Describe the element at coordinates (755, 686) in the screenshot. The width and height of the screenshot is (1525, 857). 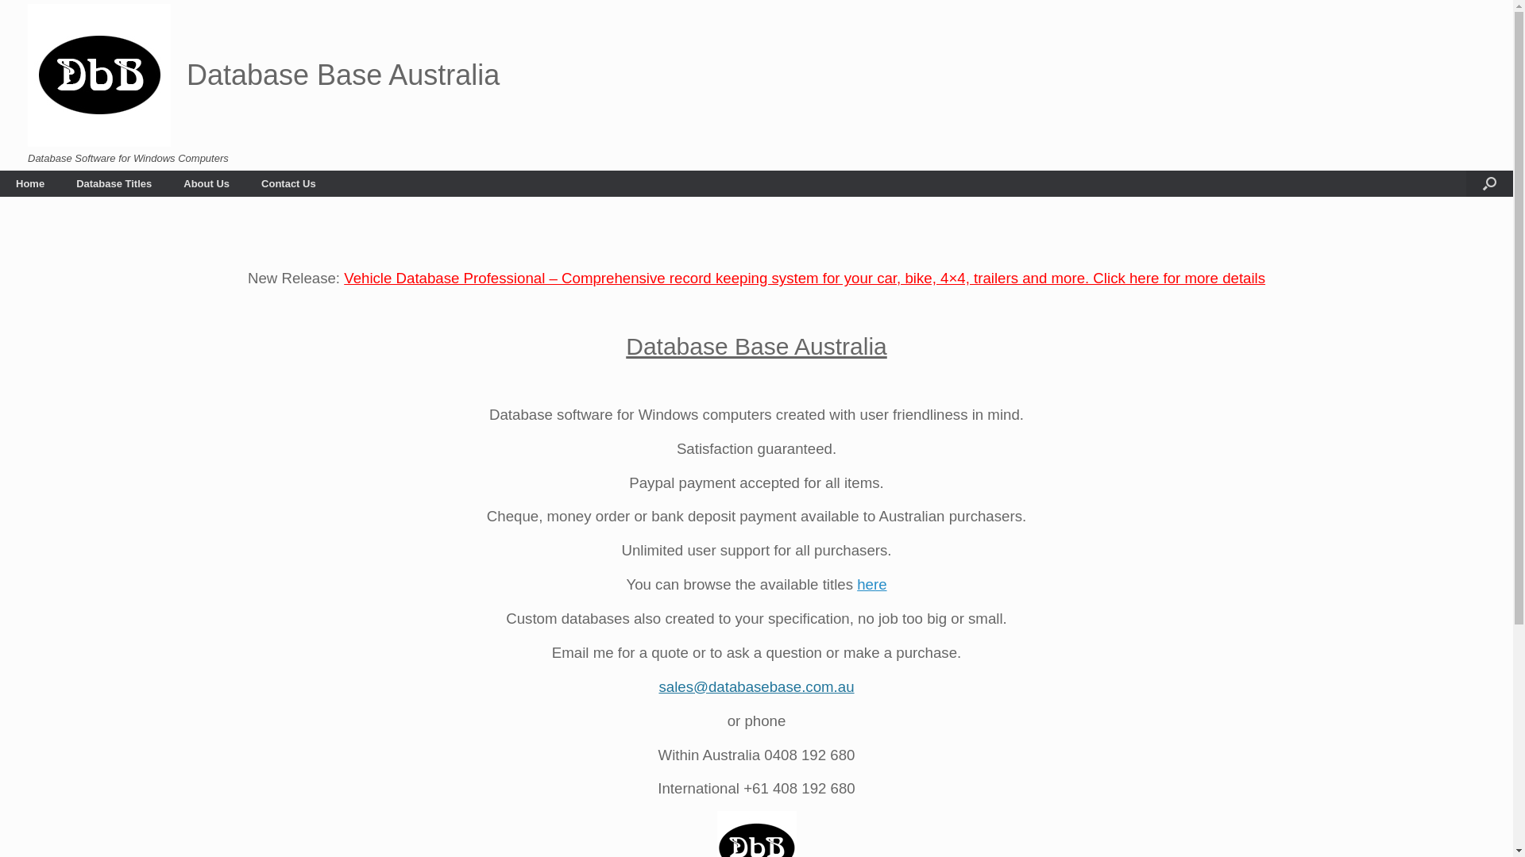
I see `'sales@databasebase.com.au'` at that location.